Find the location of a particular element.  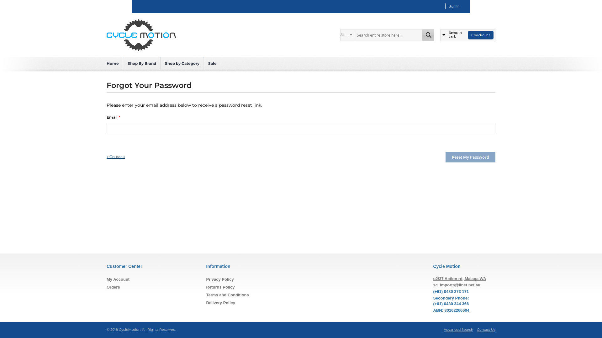

'Search' is located at coordinates (428, 35).